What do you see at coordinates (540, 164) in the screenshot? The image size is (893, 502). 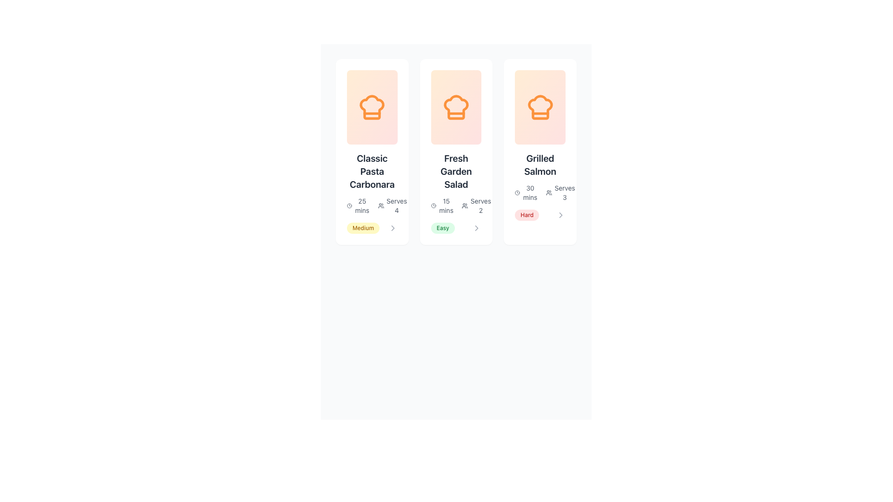 I see `the 'Grilled Salmon' text label styled with bold and large font, located in the upper-mid section of the third card, below an orange chef's hat icon` at bounding box center [540, 164].